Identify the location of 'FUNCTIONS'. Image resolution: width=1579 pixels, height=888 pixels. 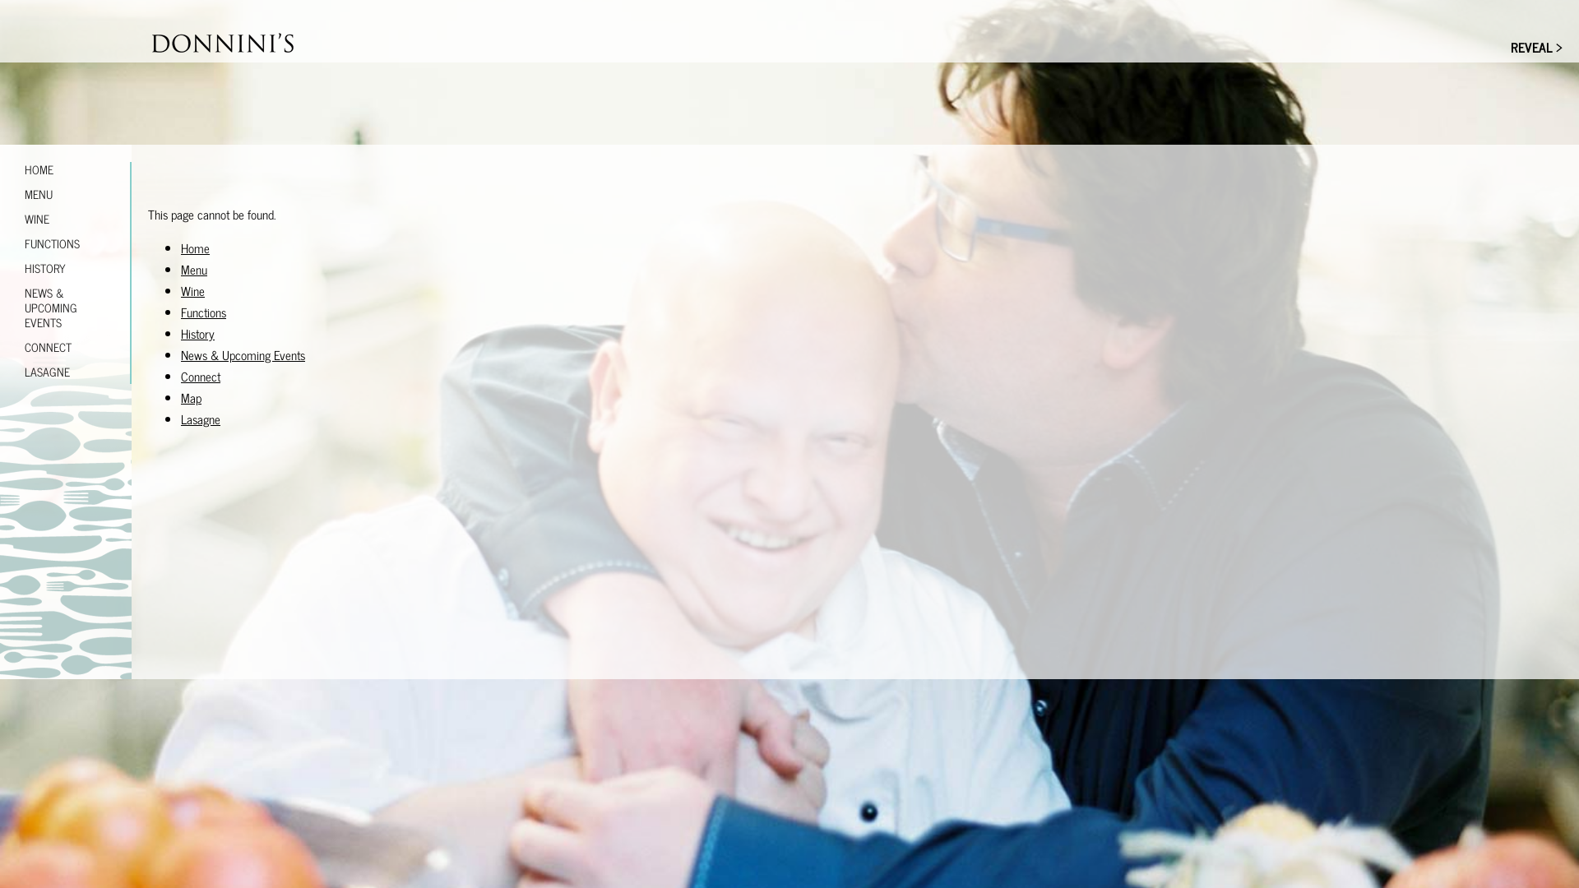
(66, 243).